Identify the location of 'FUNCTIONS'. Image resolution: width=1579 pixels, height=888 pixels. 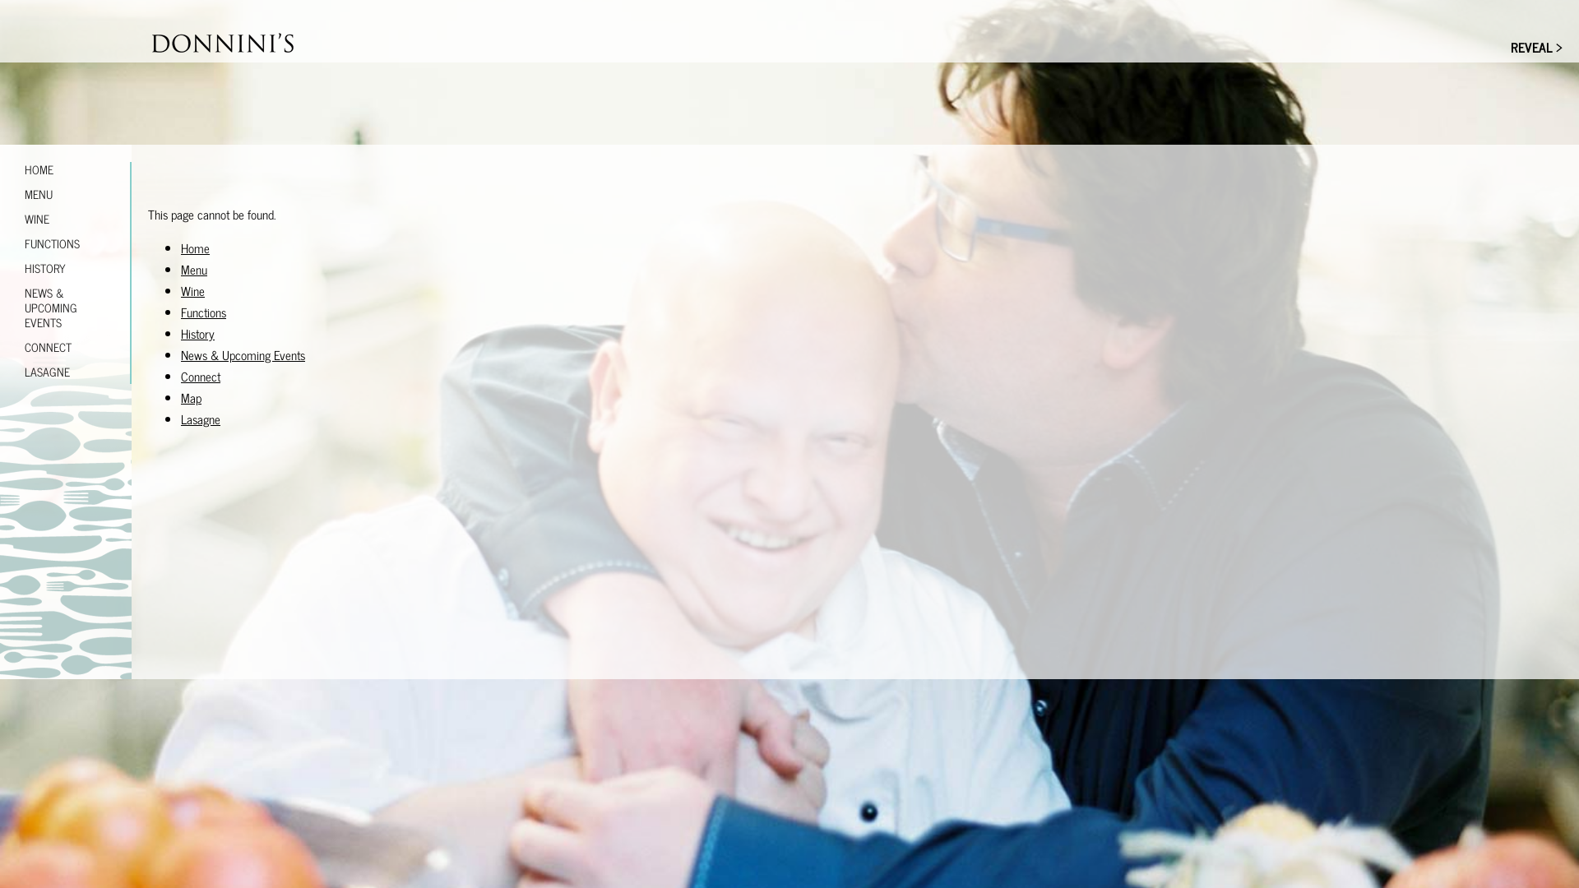
(66, 243).